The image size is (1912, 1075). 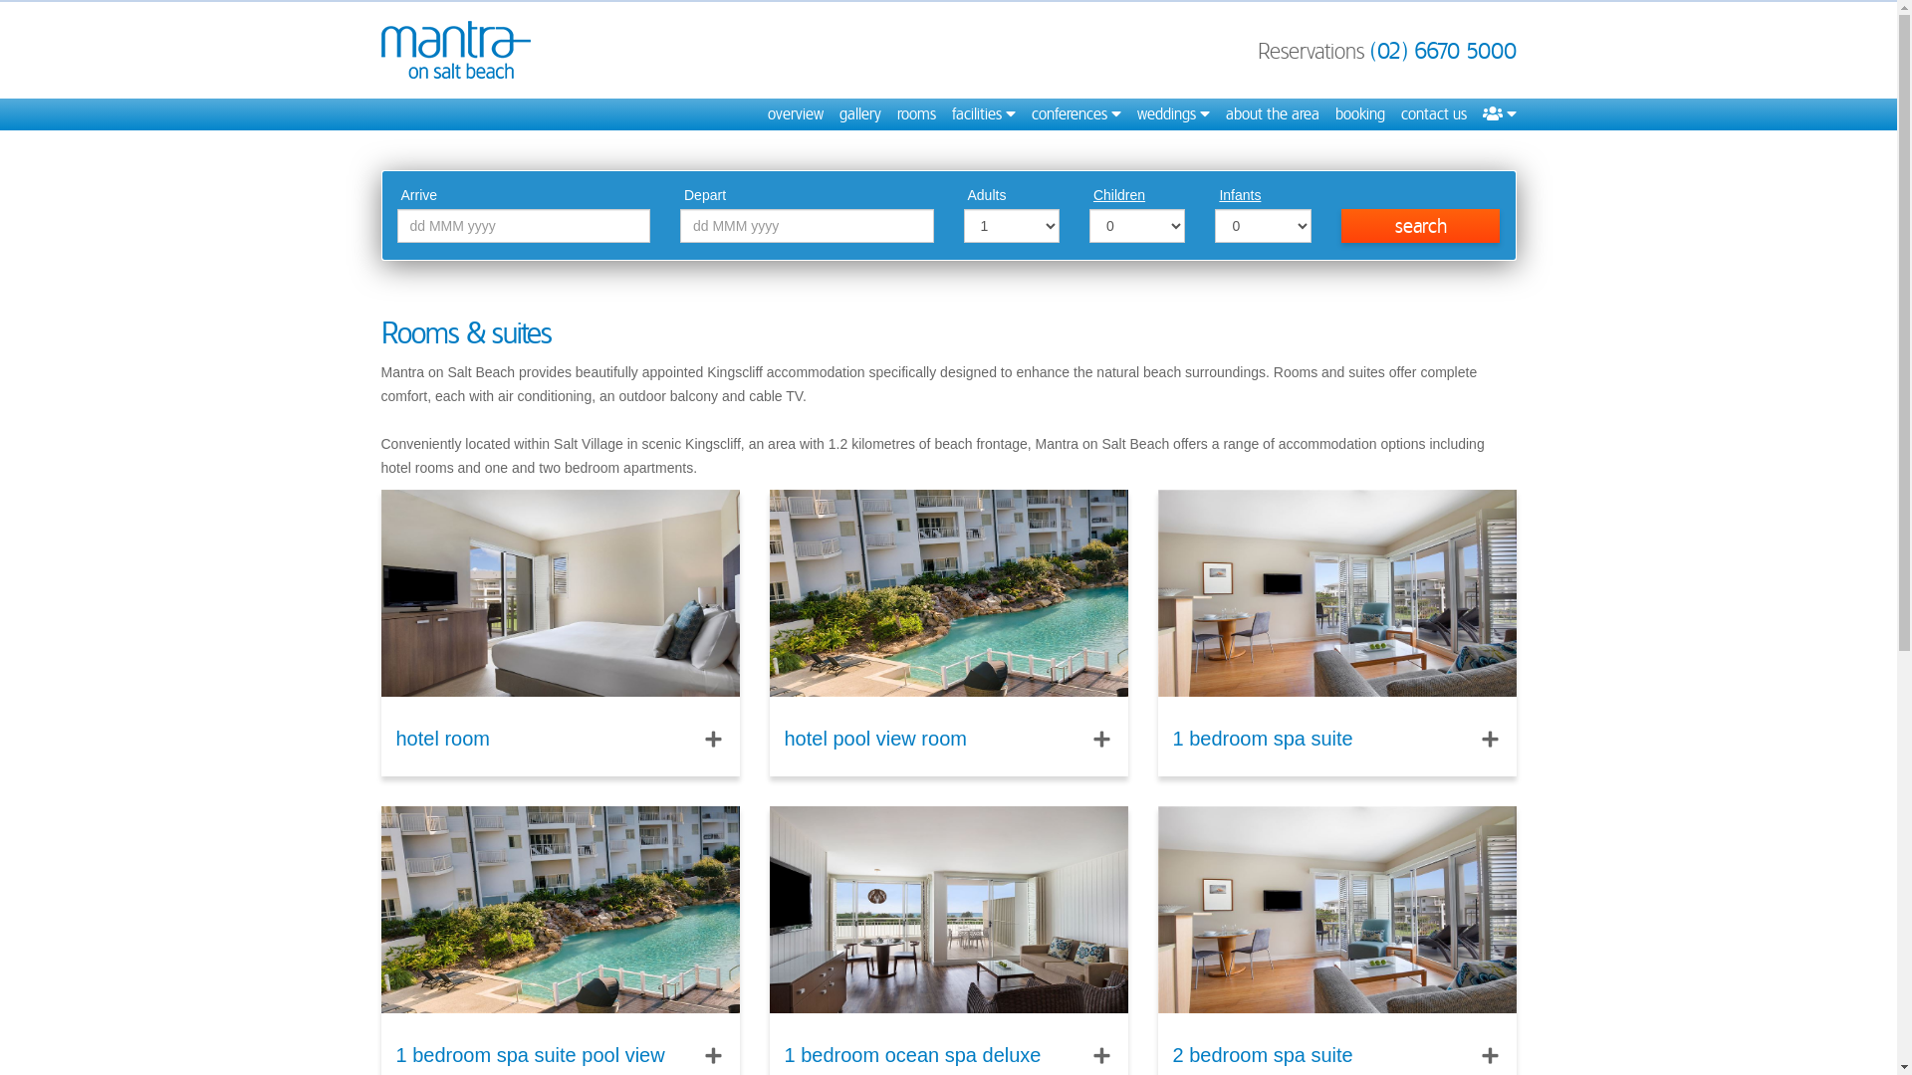 I want to click on 'conferences', so click(x=1075, y=114).